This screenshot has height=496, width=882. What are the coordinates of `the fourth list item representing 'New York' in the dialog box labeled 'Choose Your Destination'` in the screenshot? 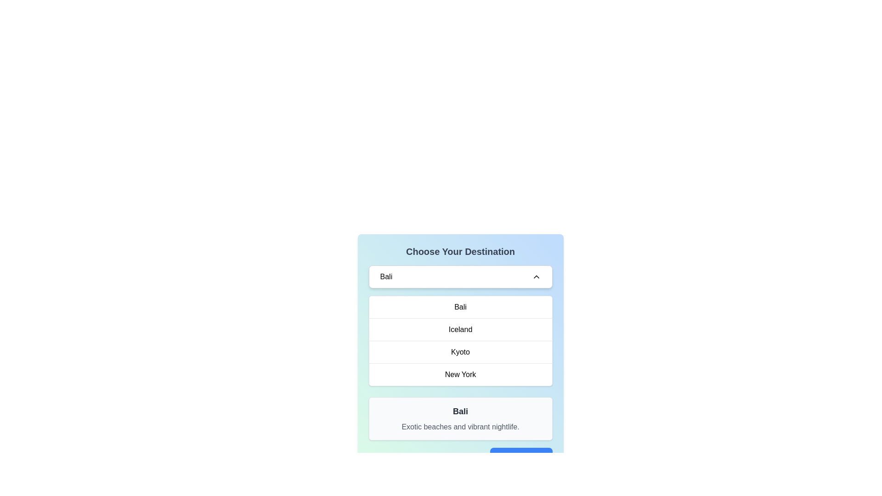 It's located at (460, 374).